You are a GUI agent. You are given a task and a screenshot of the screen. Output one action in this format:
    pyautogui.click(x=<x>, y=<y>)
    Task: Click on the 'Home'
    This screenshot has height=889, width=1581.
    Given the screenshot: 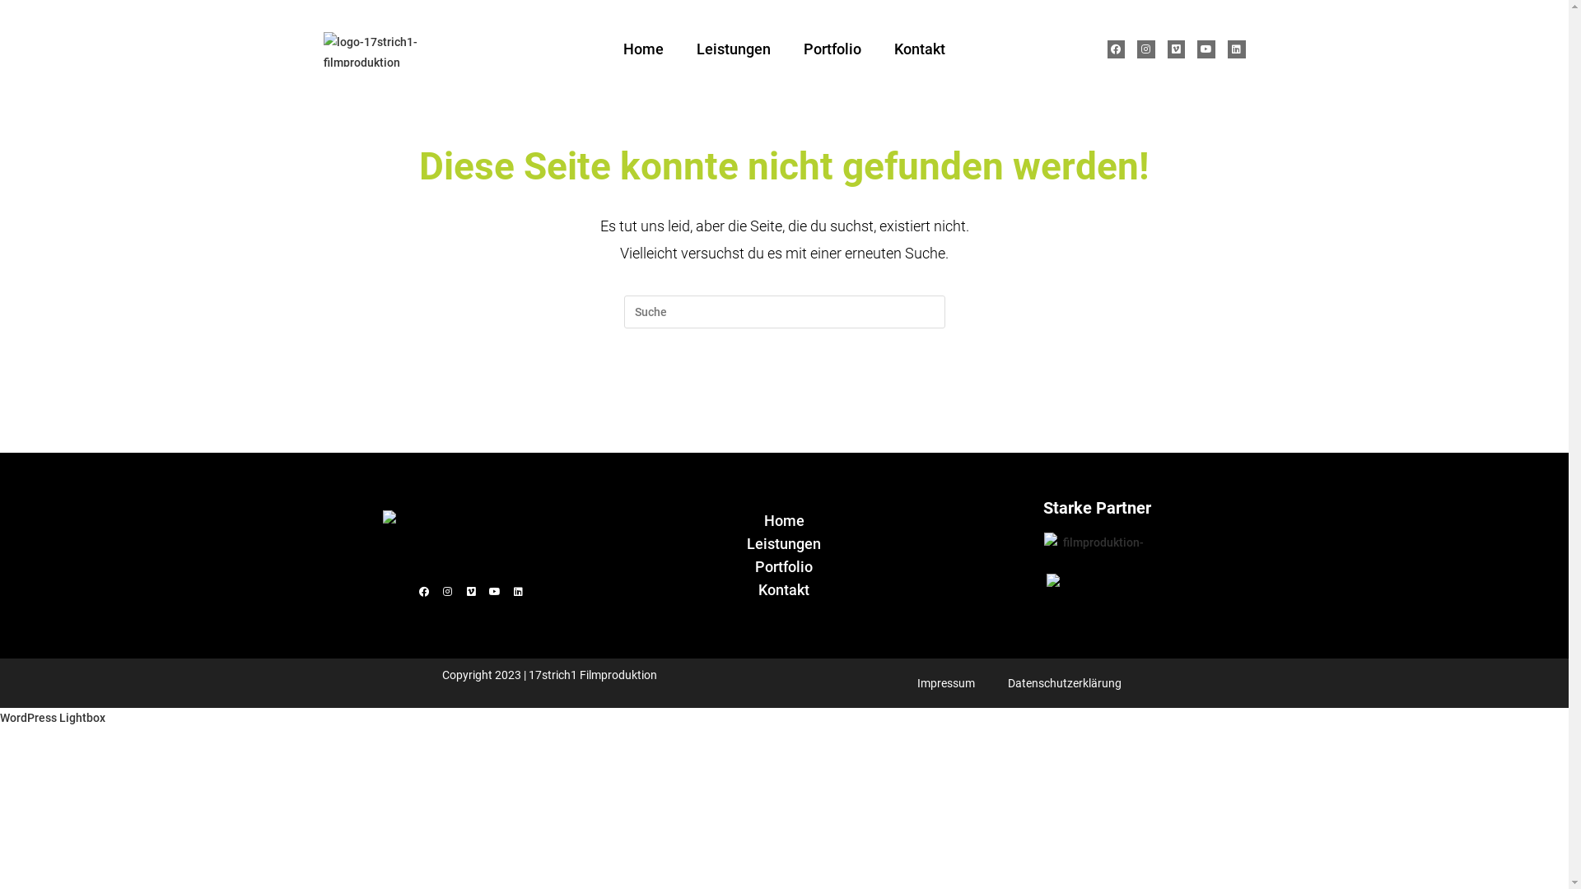 What is the action you would take?
    pyautogui.click(x=642, y=49)
    